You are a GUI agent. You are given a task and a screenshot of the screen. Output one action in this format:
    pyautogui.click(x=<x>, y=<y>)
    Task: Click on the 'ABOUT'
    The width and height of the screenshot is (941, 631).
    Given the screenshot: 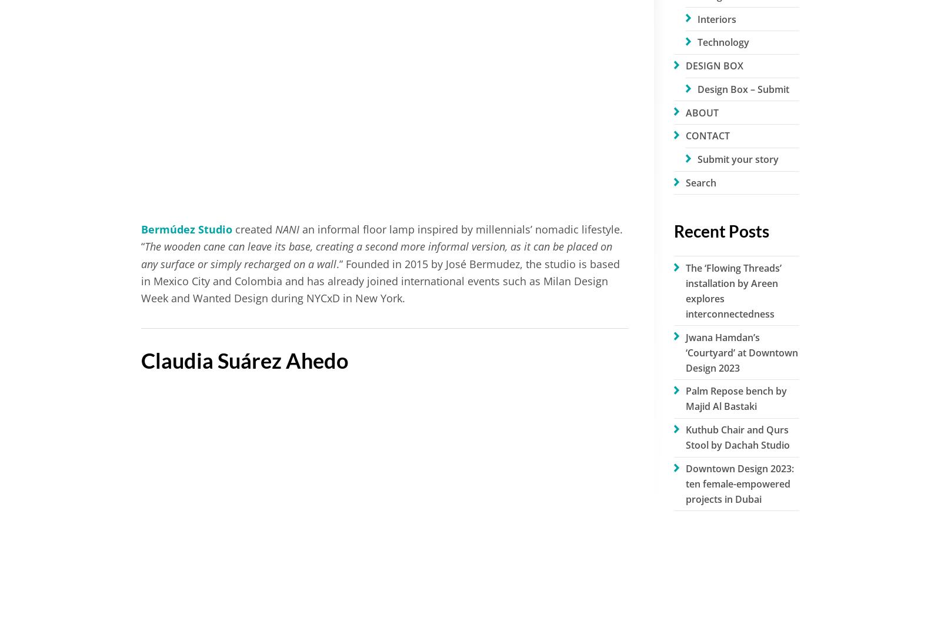 What is the action you would take?
    pyautogui.click(x=685, y=112)
    